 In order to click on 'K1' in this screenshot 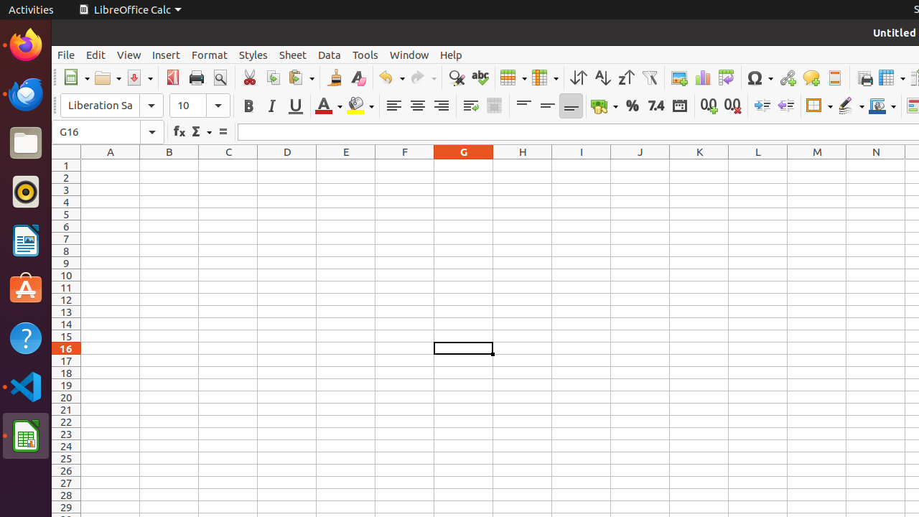, I will do `click(699, 164)`.